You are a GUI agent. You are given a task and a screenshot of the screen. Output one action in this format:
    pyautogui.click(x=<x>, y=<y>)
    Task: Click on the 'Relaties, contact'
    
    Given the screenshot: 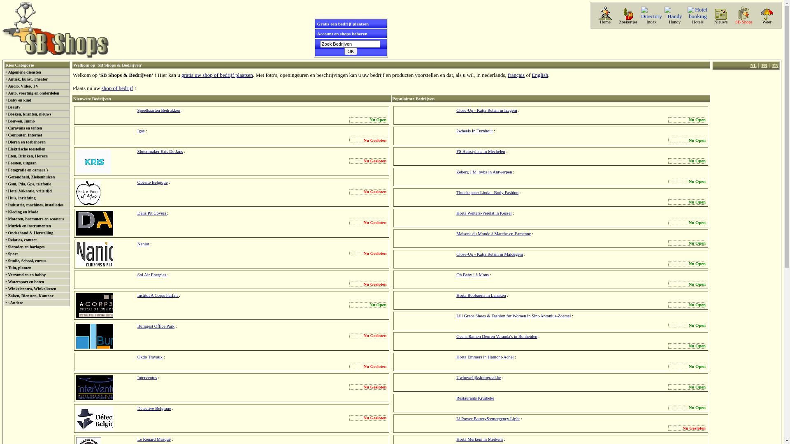 What is the action you would take?
    pyautogui.click(x=22, y=240)
    